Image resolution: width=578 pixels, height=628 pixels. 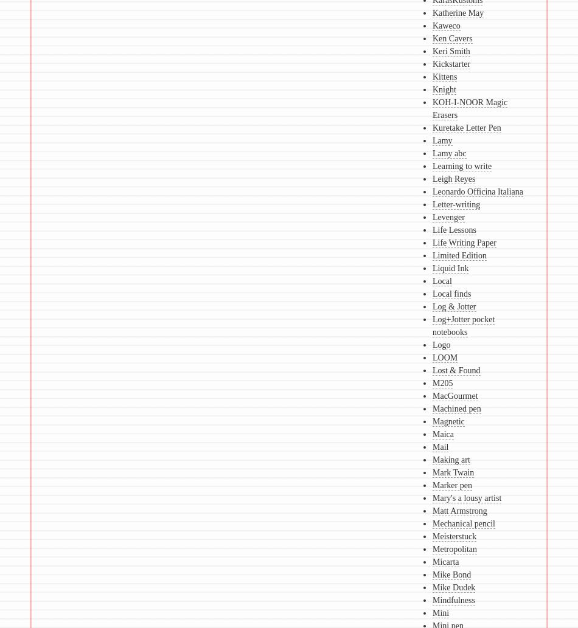 I want to click on 'Mechanical pencil', so click(x=462, y=523).